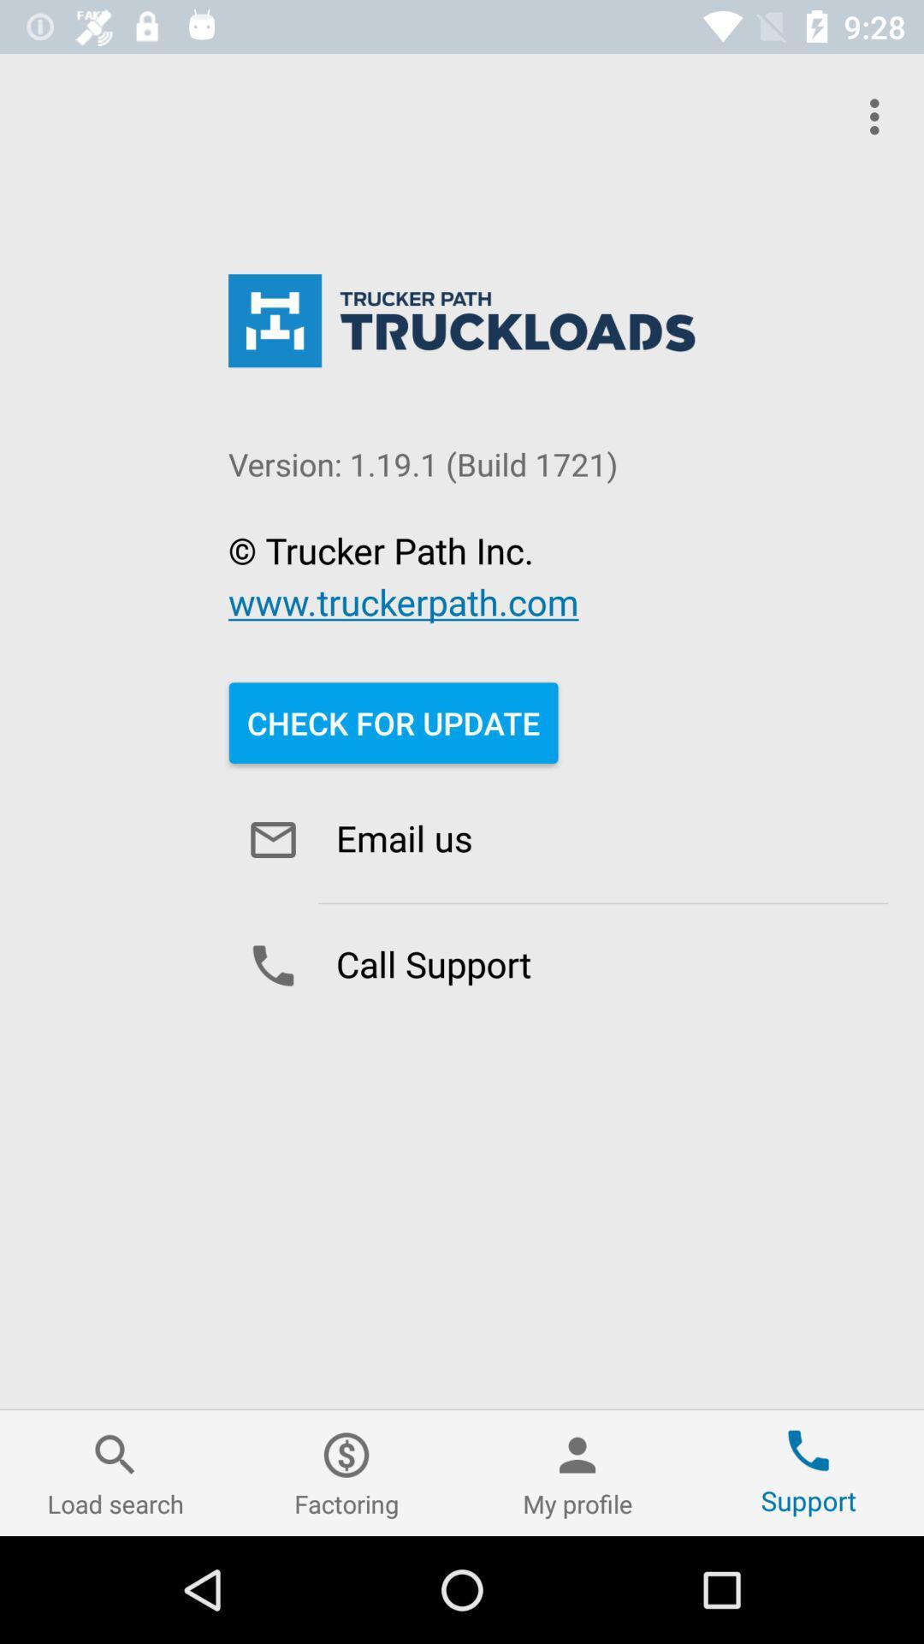  I want to click on factoring item, so click(346, 1472).